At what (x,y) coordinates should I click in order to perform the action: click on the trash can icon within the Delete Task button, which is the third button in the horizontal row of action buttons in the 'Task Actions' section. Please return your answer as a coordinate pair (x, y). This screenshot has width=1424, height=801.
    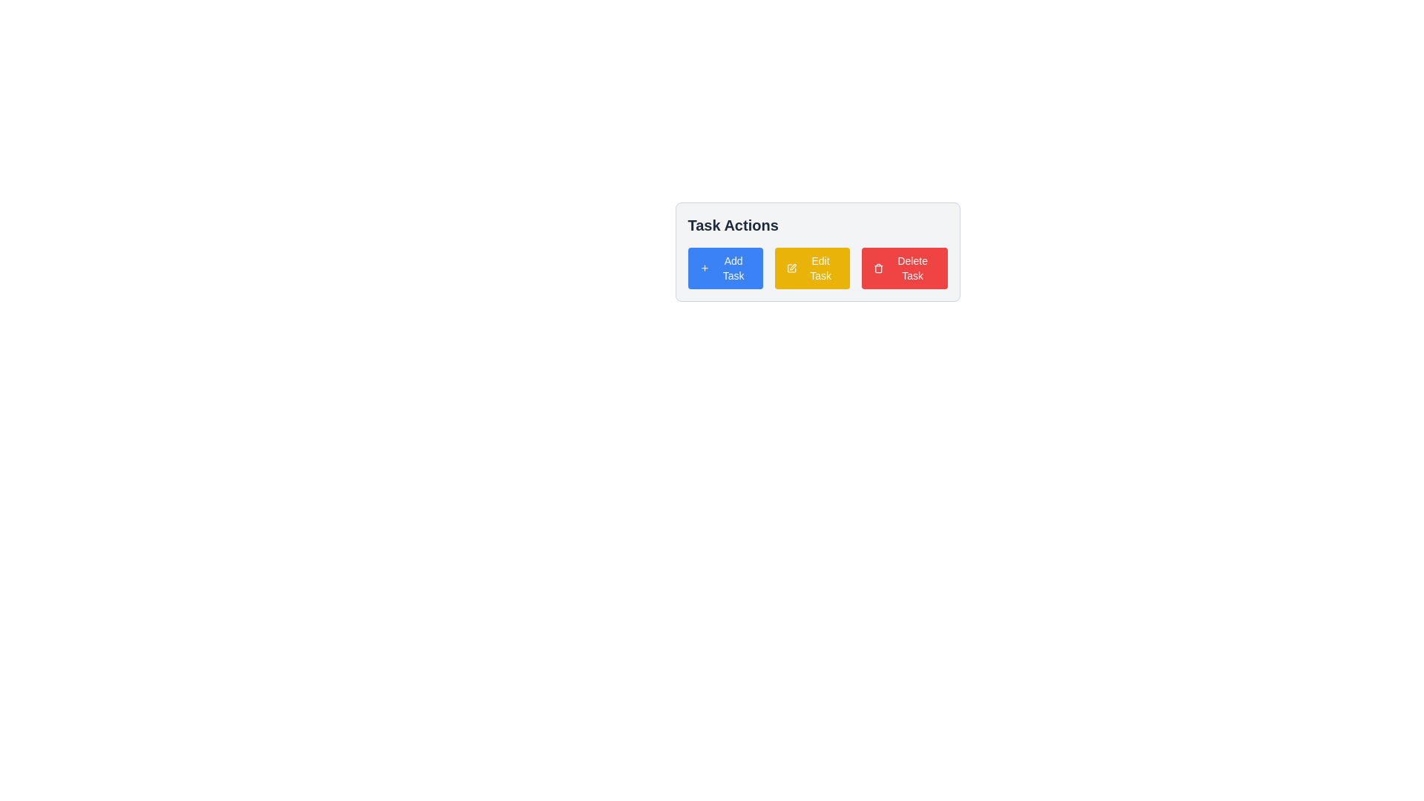
    Looking at the image, I should click on (879, 269).